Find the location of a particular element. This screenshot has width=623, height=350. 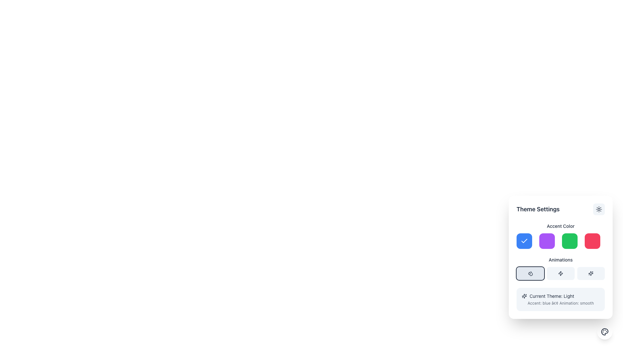

the descriptive Text label for the color selection section in the Theme Settings panel is located at coordinates (560, 226).